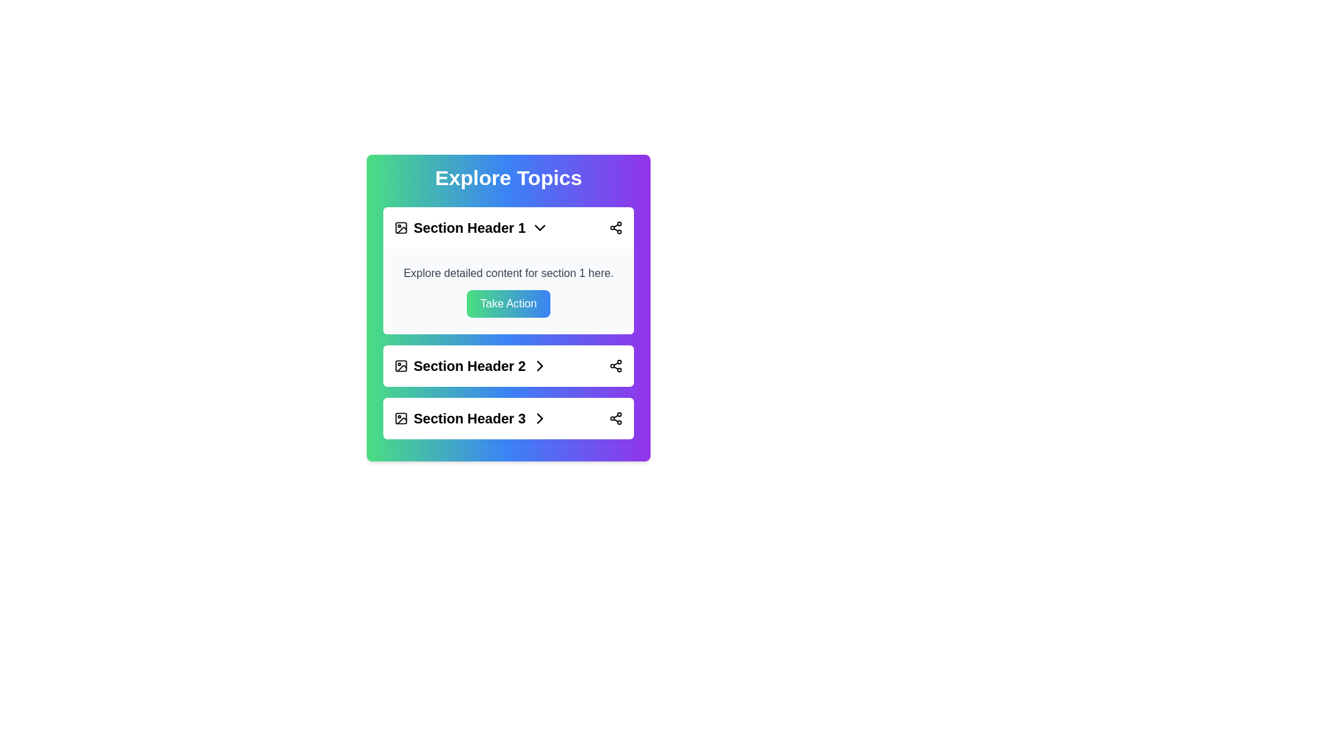 This screenshot has height=746, width=1326. Describe the element at coordinates (508, 365) in the screenshot. I see `the second section header in the vertical stack` at that location.